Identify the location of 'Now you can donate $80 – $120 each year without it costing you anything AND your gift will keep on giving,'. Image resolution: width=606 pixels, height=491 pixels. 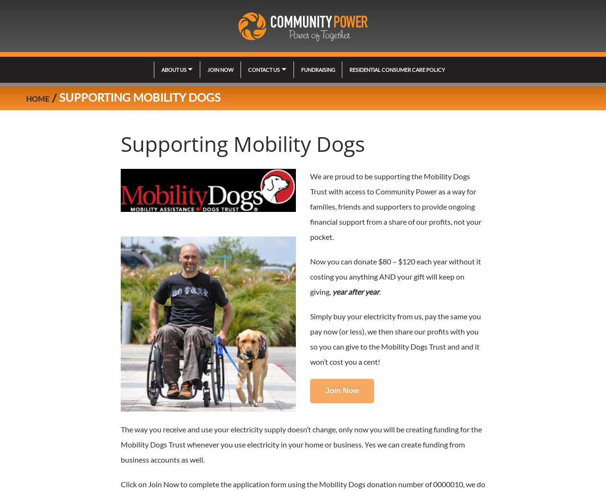
(310, 276).